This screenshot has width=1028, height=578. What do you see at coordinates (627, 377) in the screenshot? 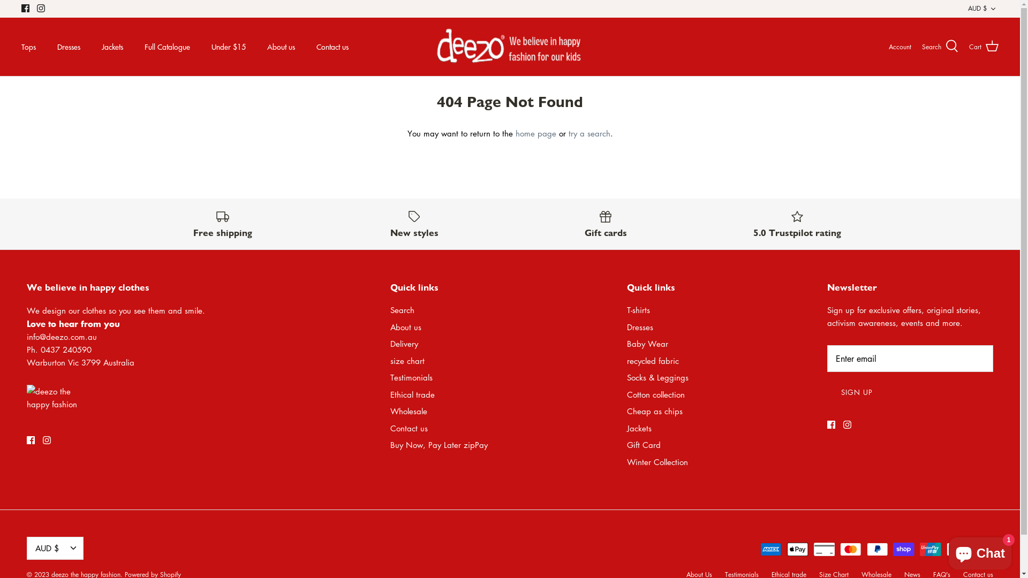
I see `'Socks & Leggings'` at bounding box center [627, 377].